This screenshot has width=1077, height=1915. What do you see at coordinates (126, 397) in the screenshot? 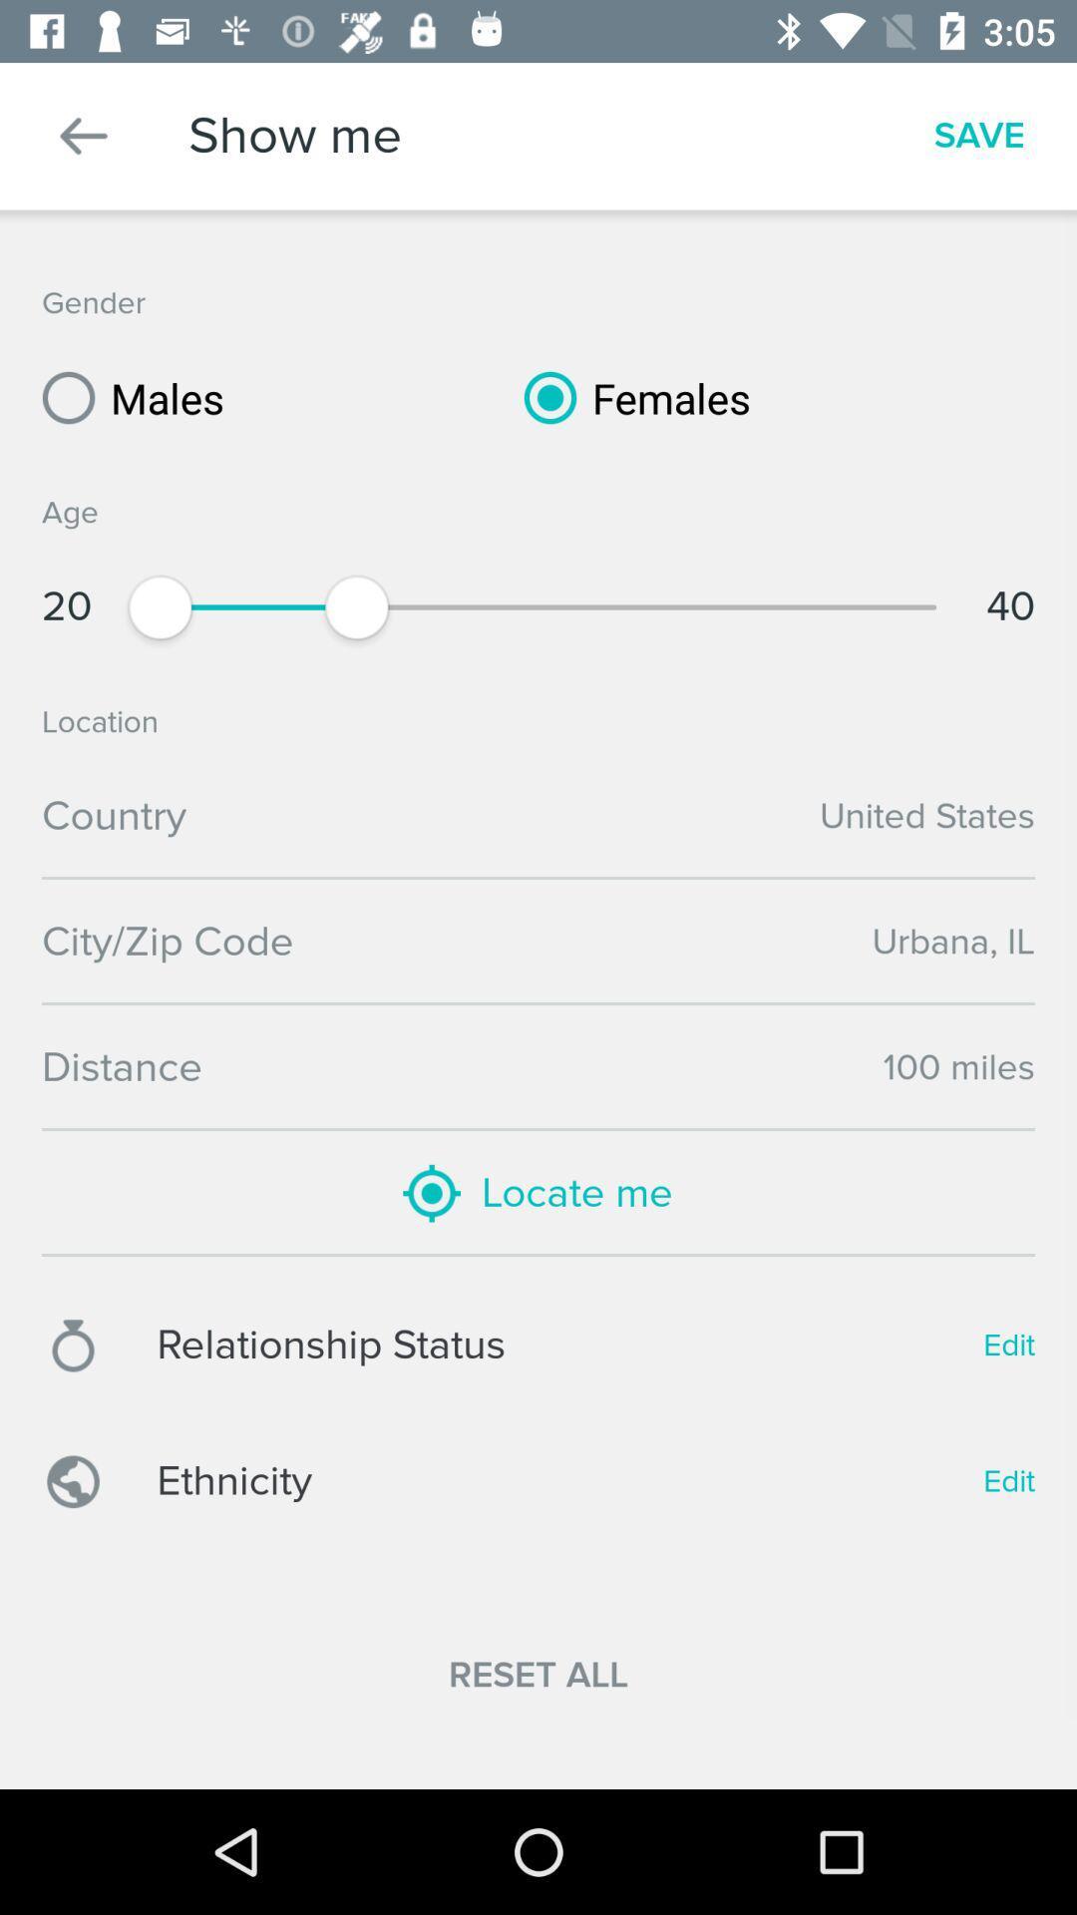
I see `males icon` at bounding box center [126, 397].